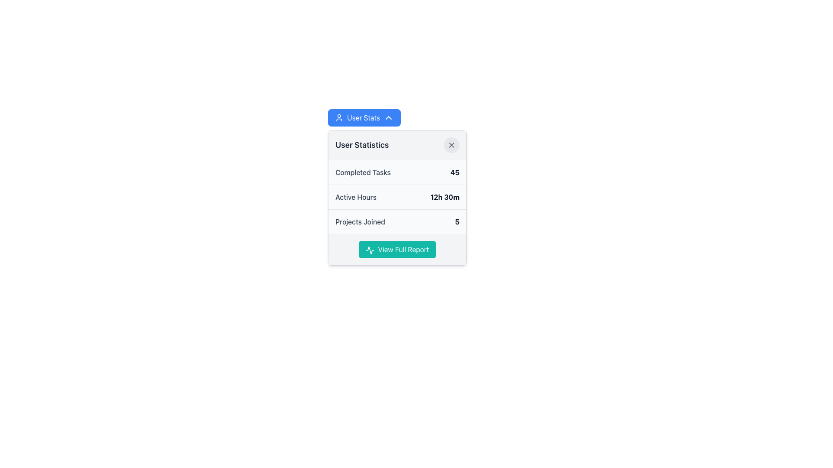  Describe the element at coordinates (356, 197) in the screenshot. I see `the Text Label that describes the active hours metric display, which is positioned to the left of the duration '12h 30m' in the 'User Statistics' section` at that location.